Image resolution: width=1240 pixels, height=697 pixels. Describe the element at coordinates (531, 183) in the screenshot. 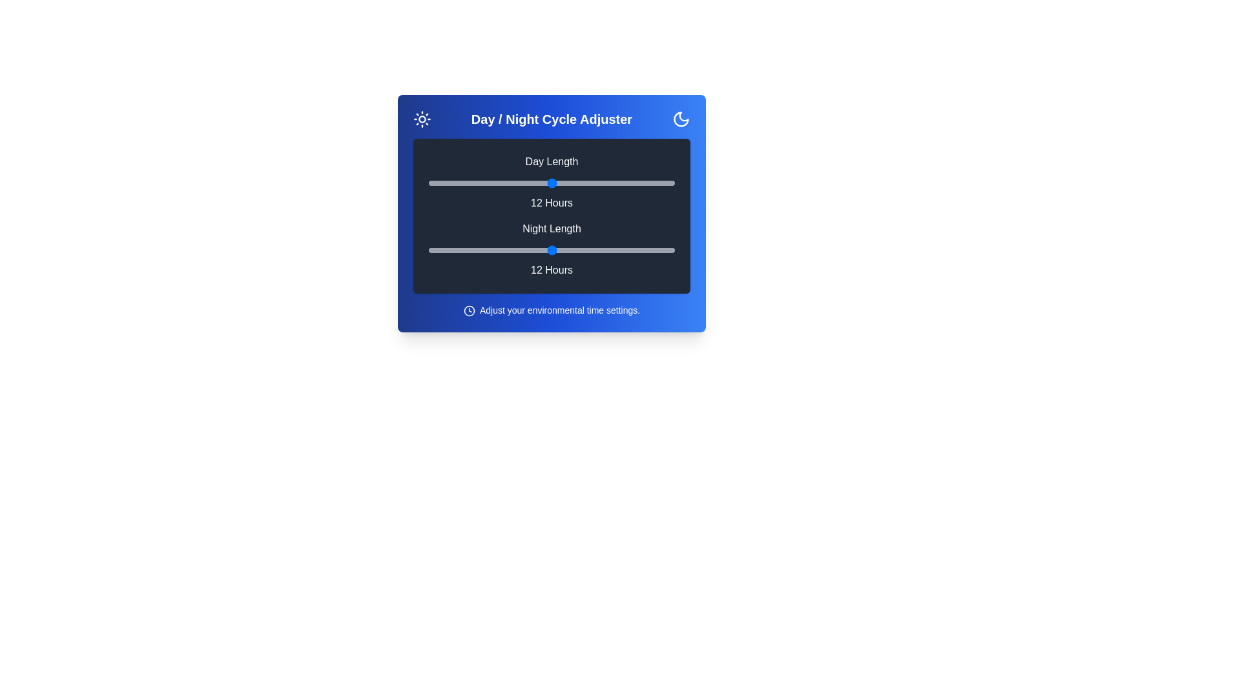

I see `the 'Day Length' slider to set the day duration to 11 hours` at that location.